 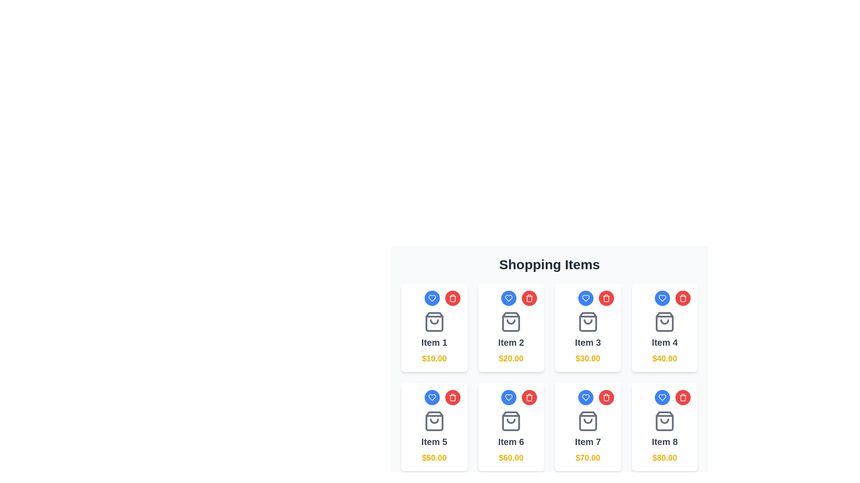 What do you see at coordinates (662, 397) in the screenshot?
I see `the blue heart-shaped icon button to favorite 'Item 8', located at the top of the product card and directly adjacent to the red trash can icon` at bounding box center [662, 397].